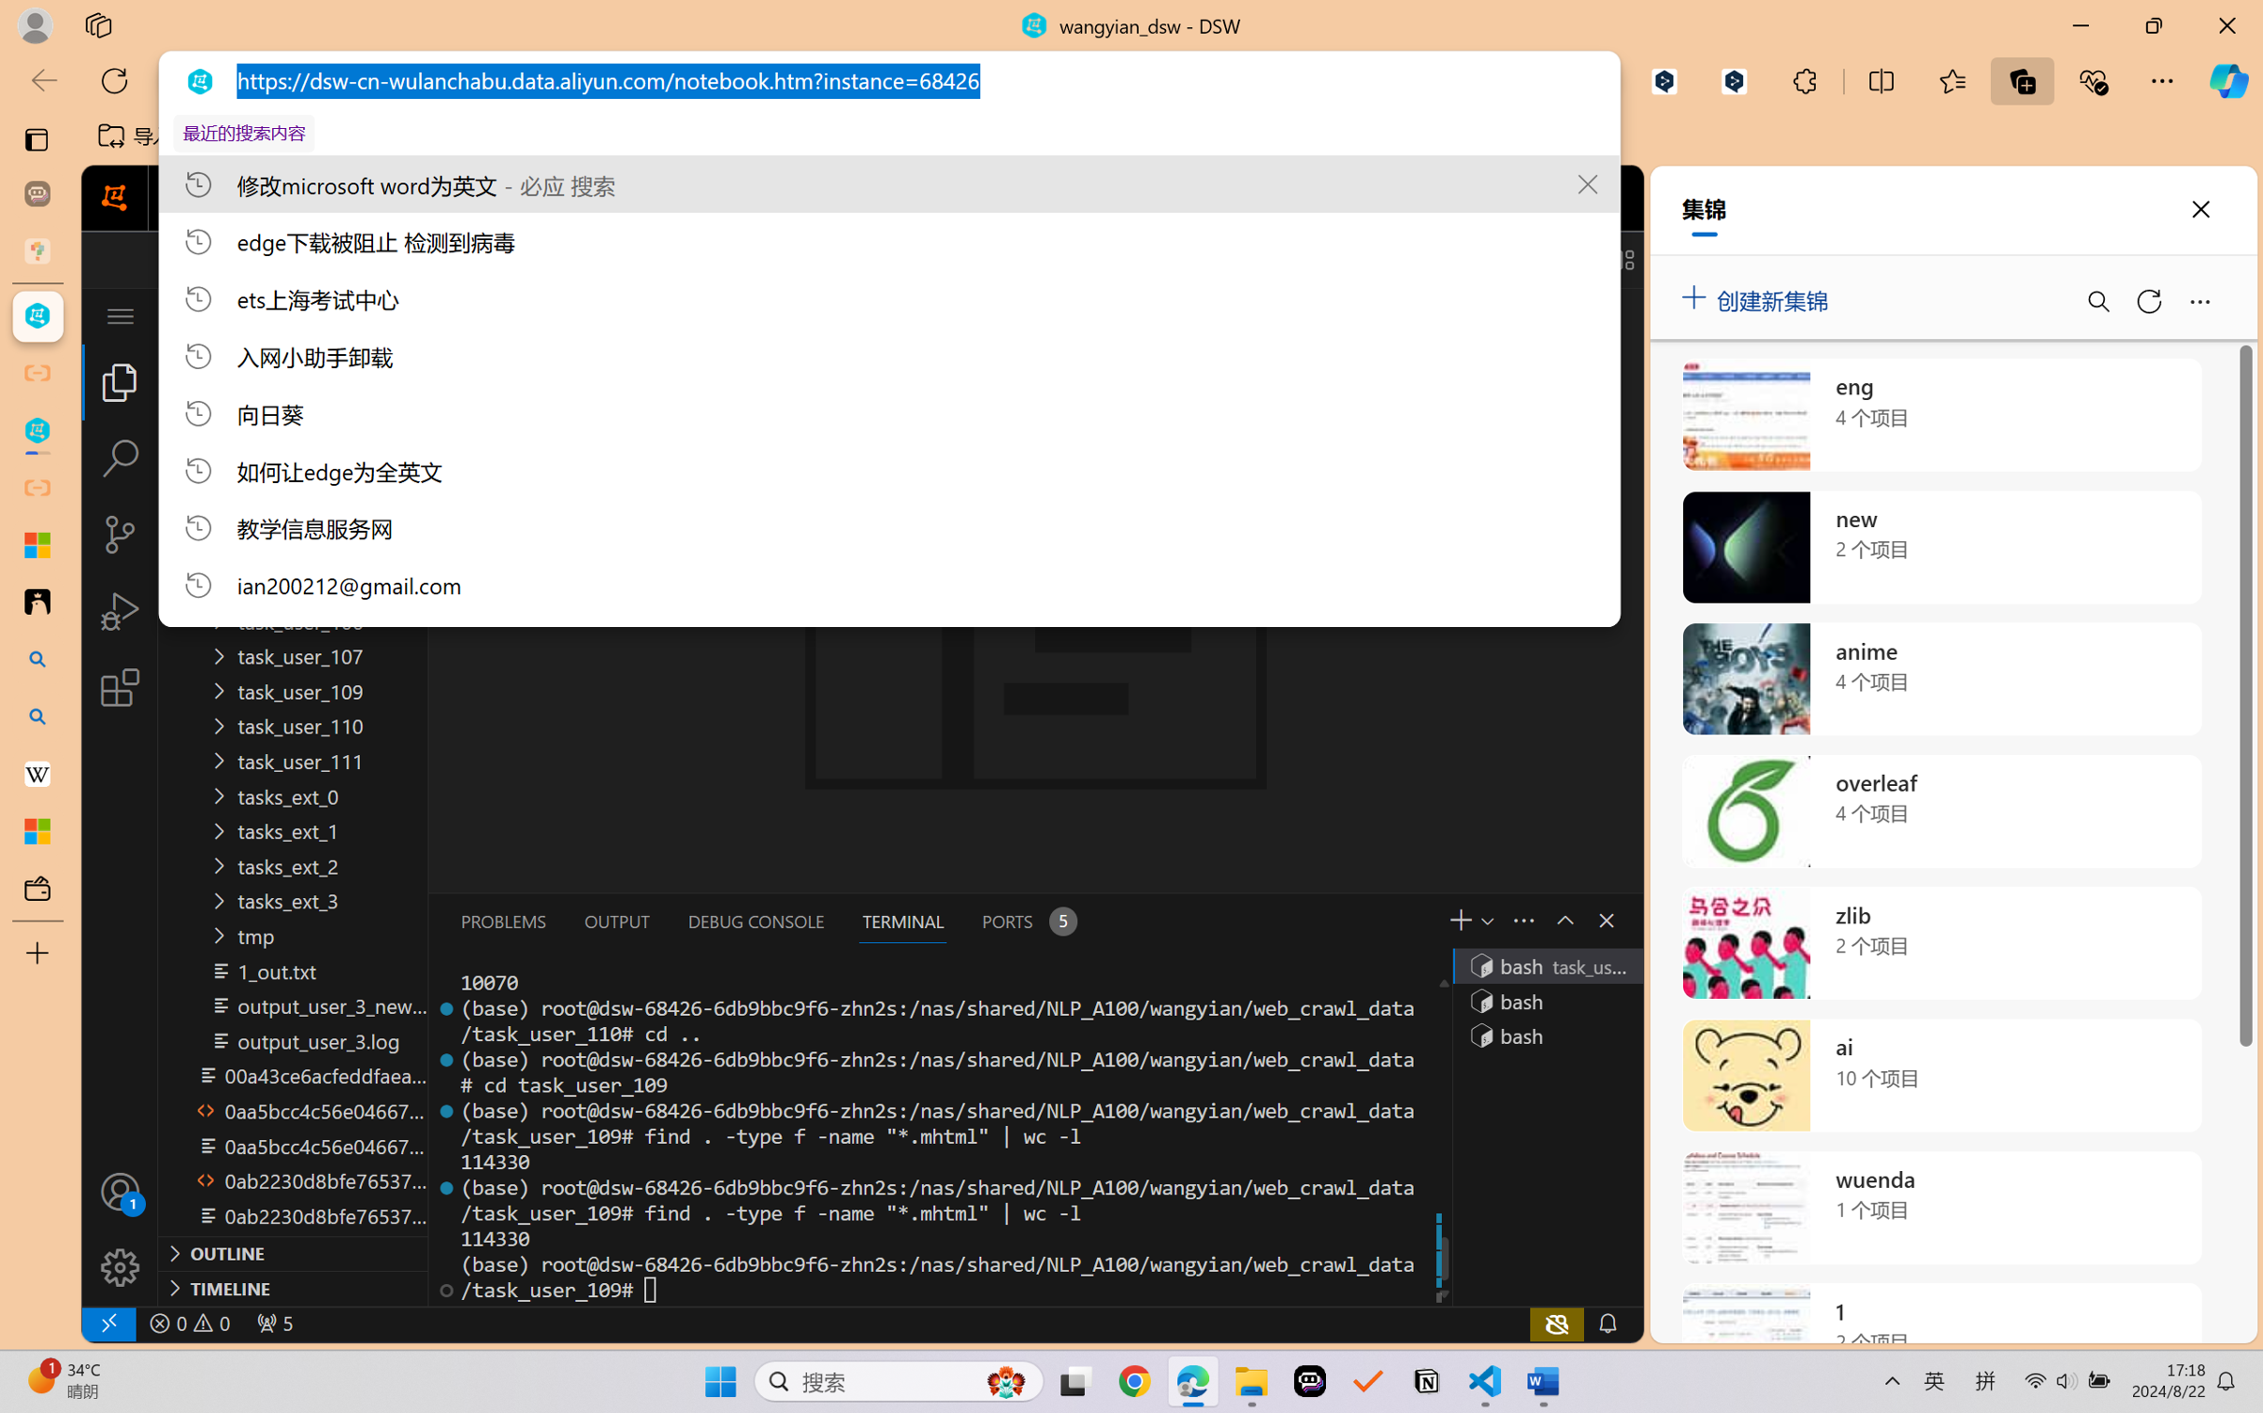 The height and width of the screenshot is (1413, 2263). Describe the element at coordinates (119, 315) in the screenshot. I see `'Class: menubar compact overflow-menu-only inactive'` at that location.